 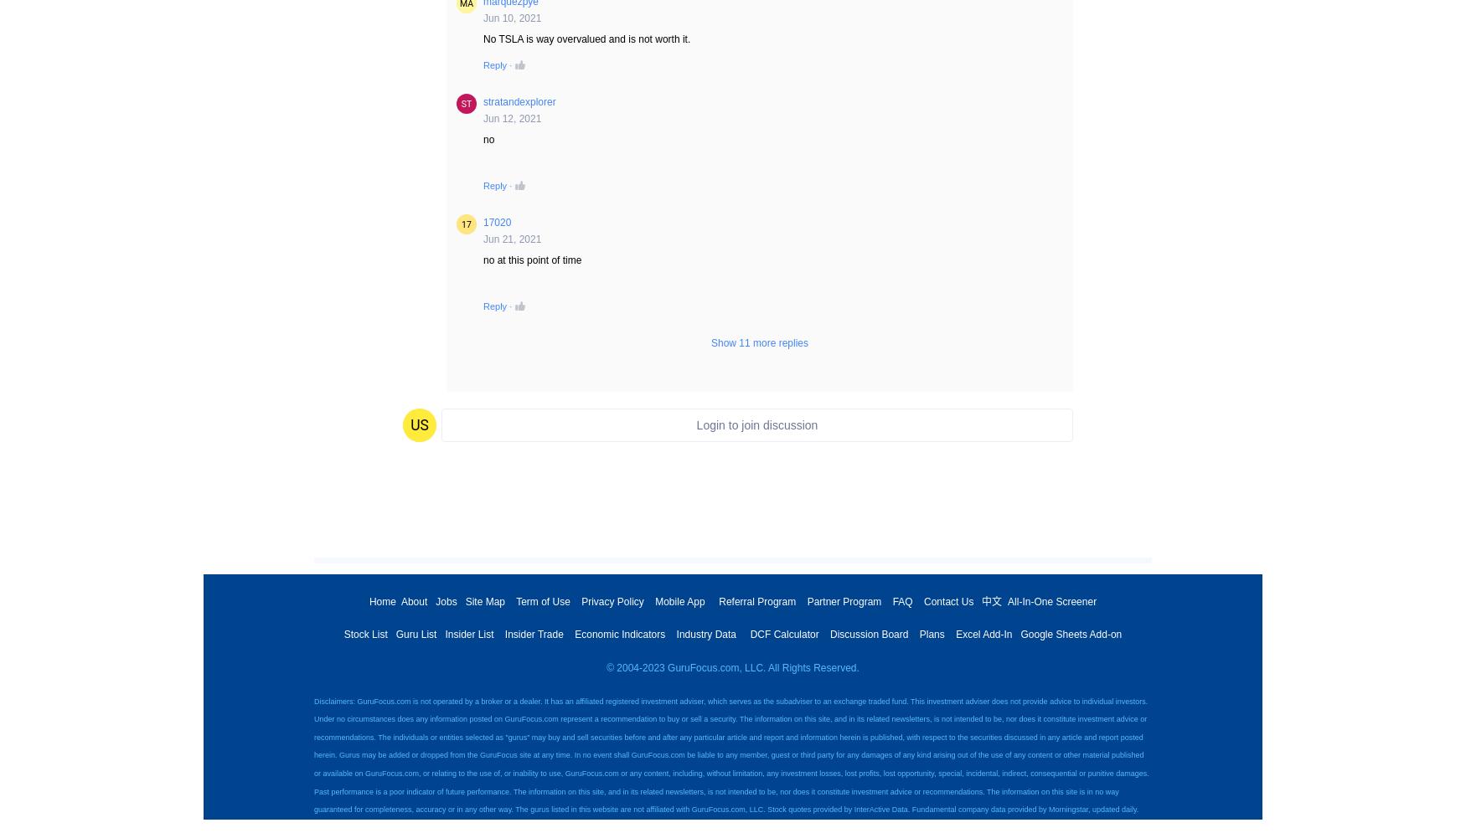 I want to click on 'Partner Program', so click(x=843, y=600).